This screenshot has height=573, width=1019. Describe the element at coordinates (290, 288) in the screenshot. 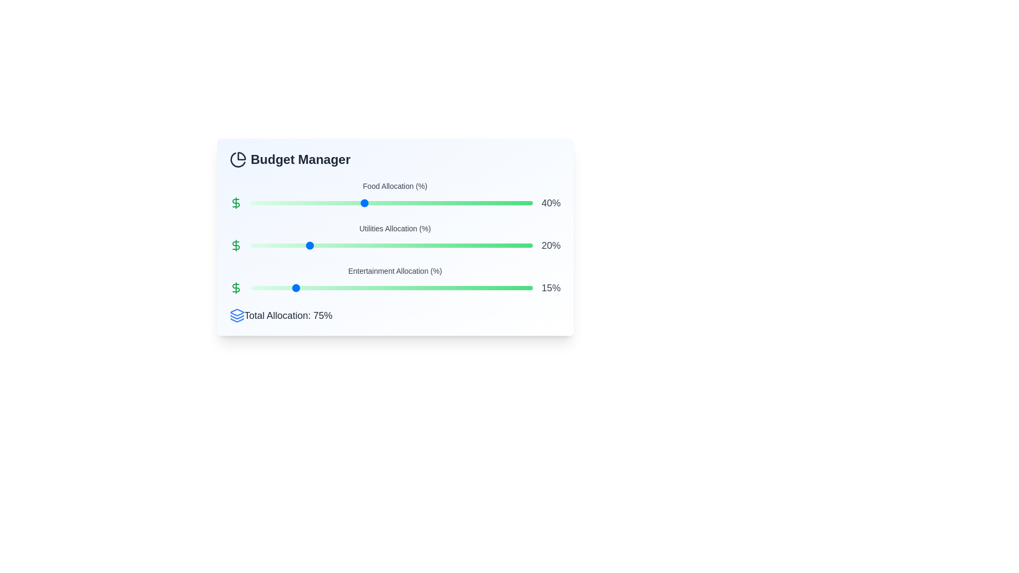

I see `the Entertainment Allocation slider to 14%` at that location.